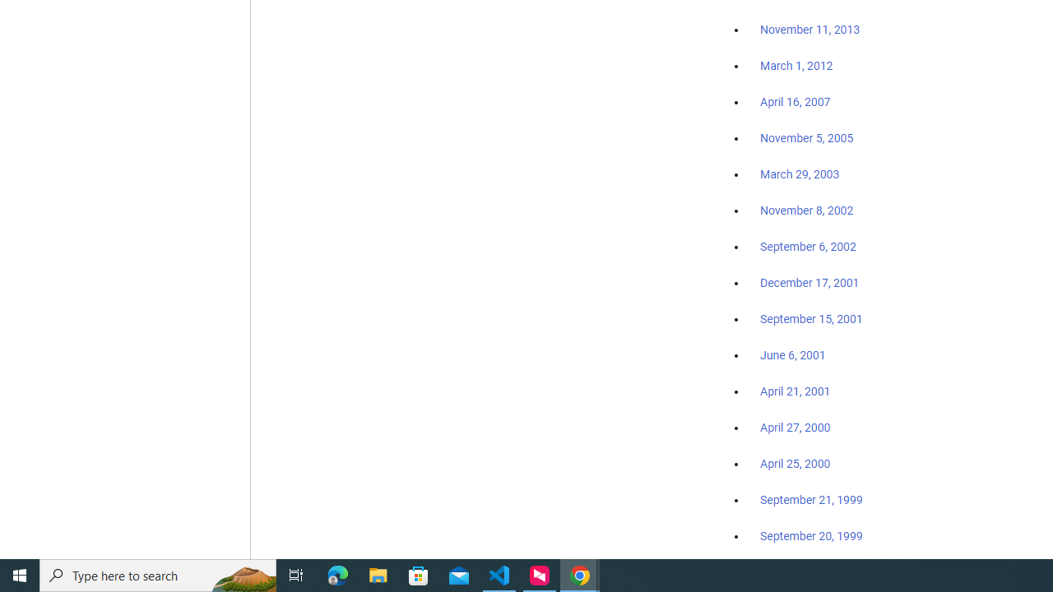  What do you see at coordinates (807, 210) in the screenshot?
I see `'November 8, 2002'` at bounding box center [807, 210].